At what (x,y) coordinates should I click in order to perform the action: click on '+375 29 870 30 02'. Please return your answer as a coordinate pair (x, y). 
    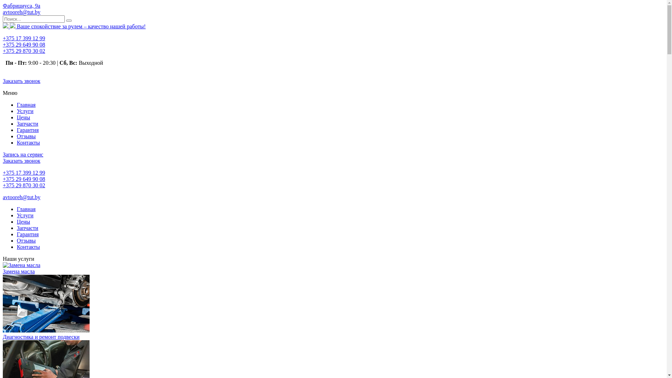
    Looking at the image, I should click on (24, 185).